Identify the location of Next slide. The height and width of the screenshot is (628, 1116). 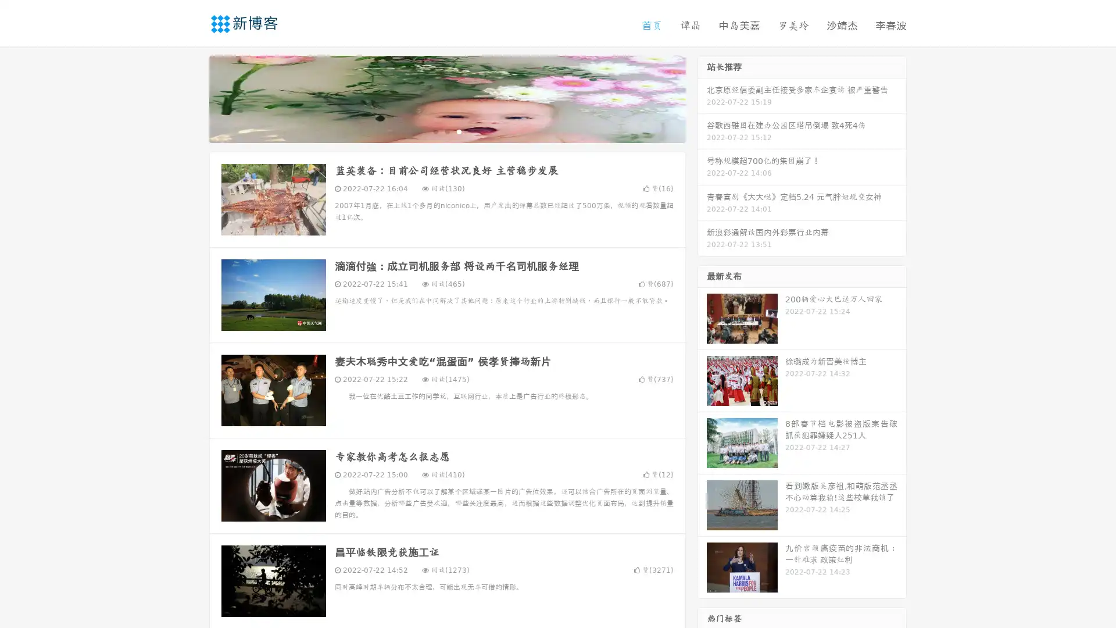
(702, 98).